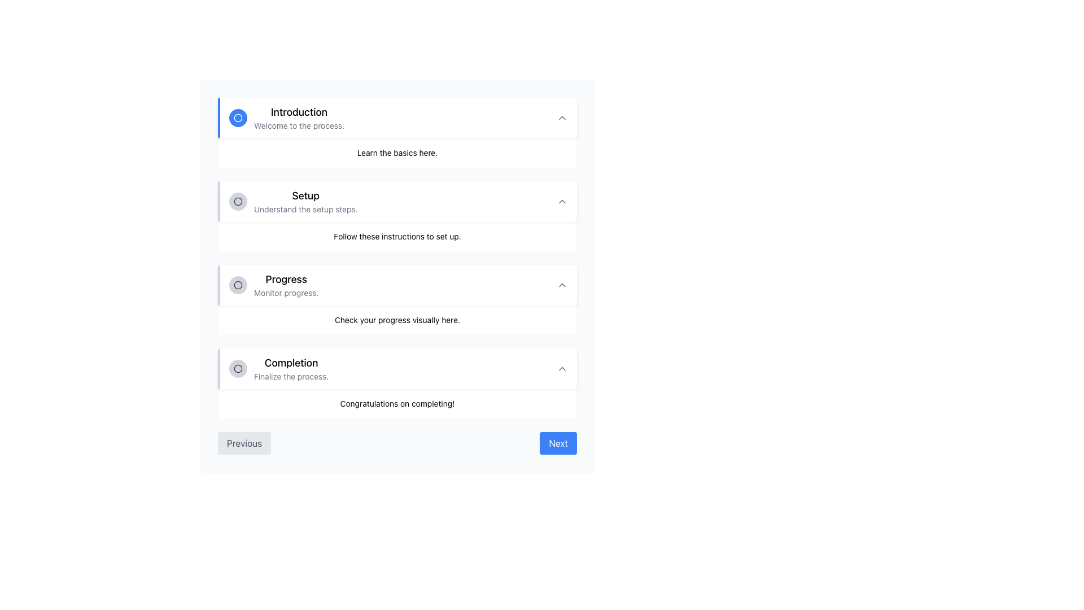 The width and height of the screenshot is (1084, 610). I want to click on the toggle icon located in the upper right corner of the collapsible panel, so click(562, 117).